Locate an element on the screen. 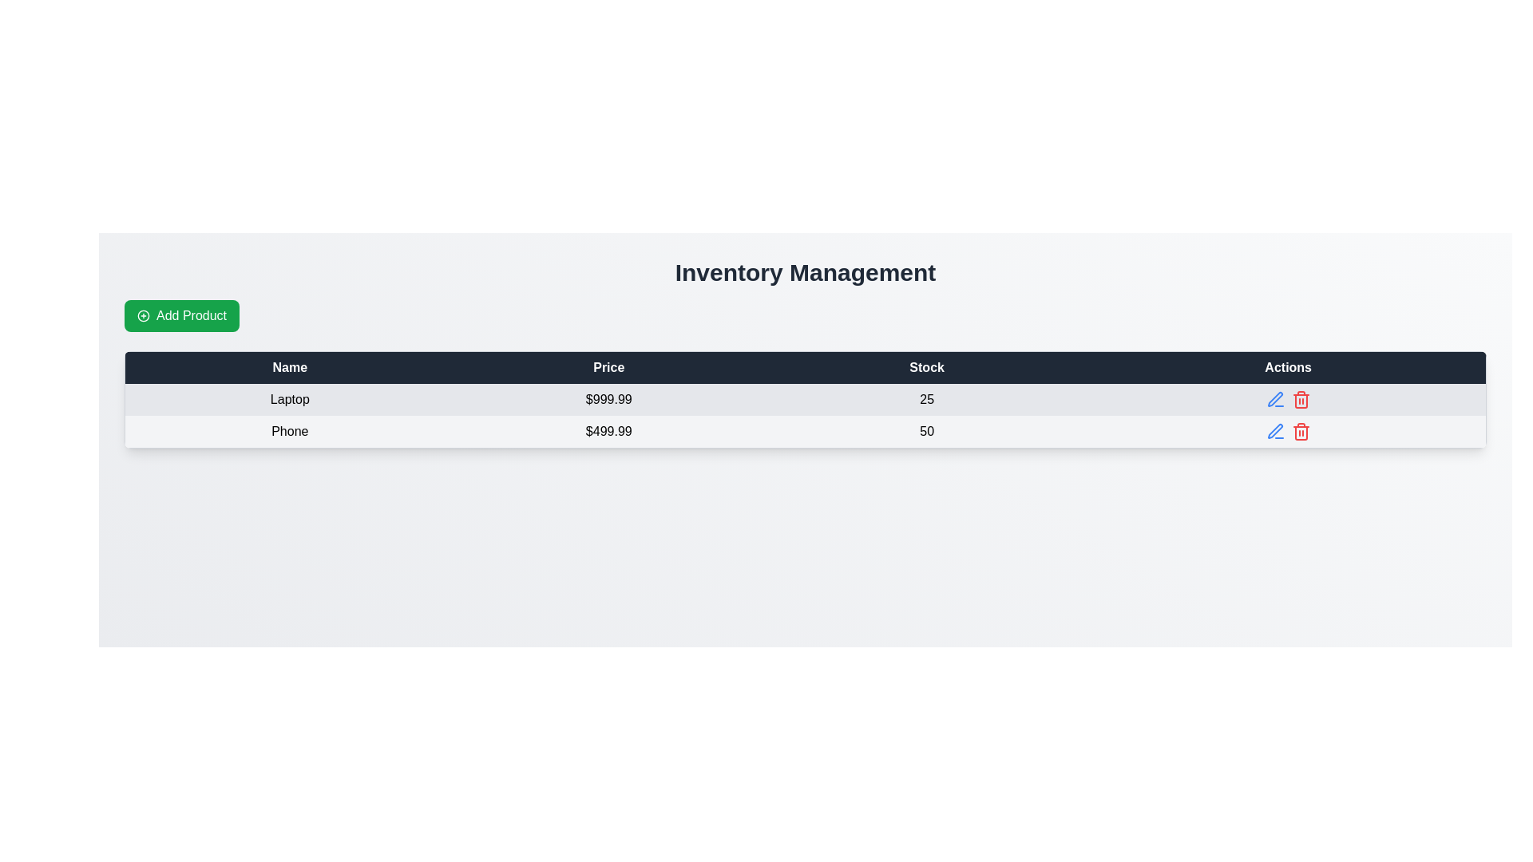 The image size is (1533, 862). the green 'Add Product' button with rounded corners and a circular plus icon, located below the 'Inventory Management' header is located at coordinates (182, 316).